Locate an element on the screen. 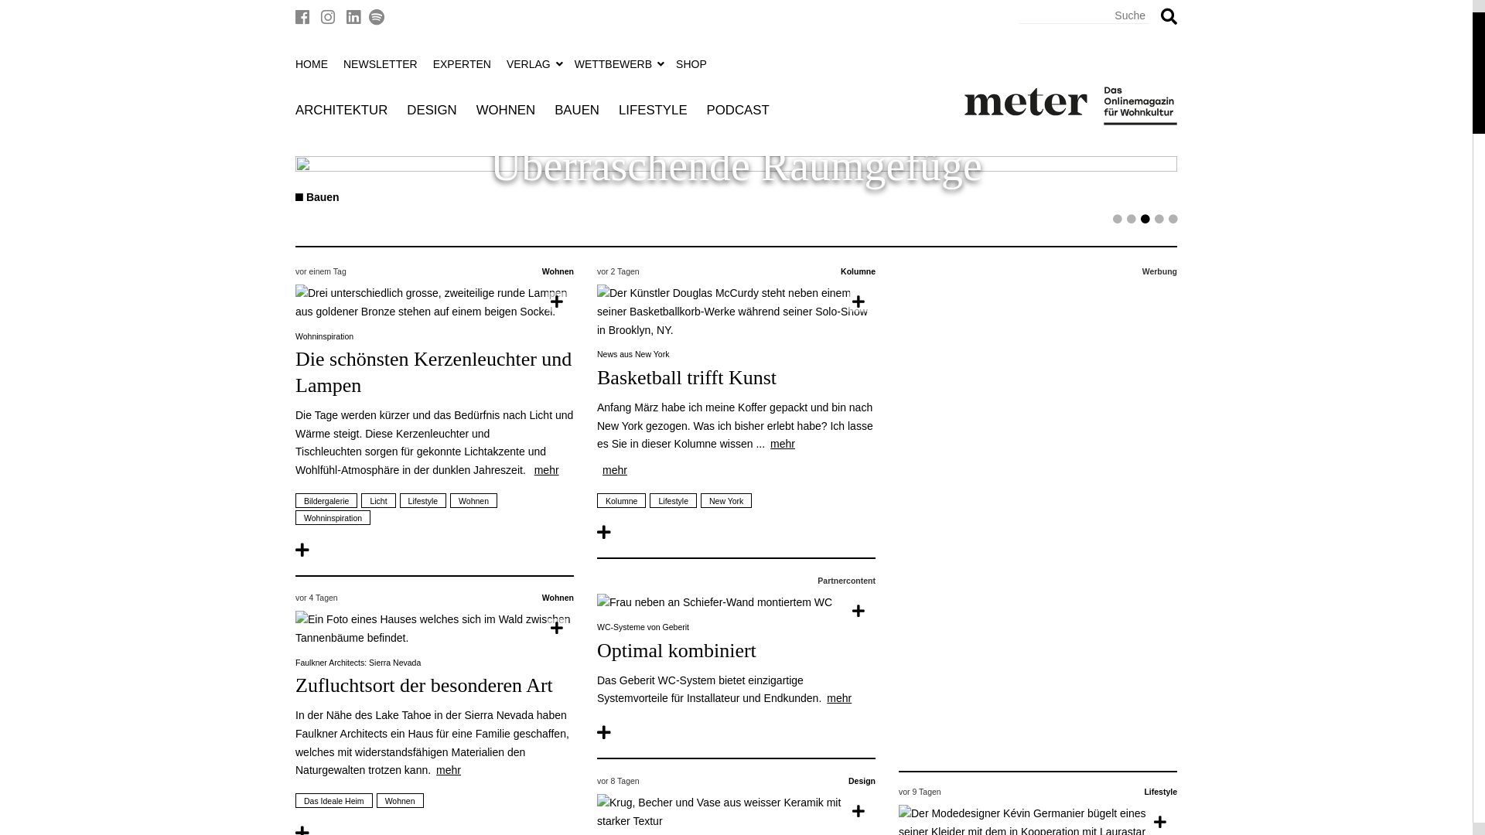 The width and height of the screenshot is (1485, 835). 'WOHNEN' is located at coordinates (505, 110).